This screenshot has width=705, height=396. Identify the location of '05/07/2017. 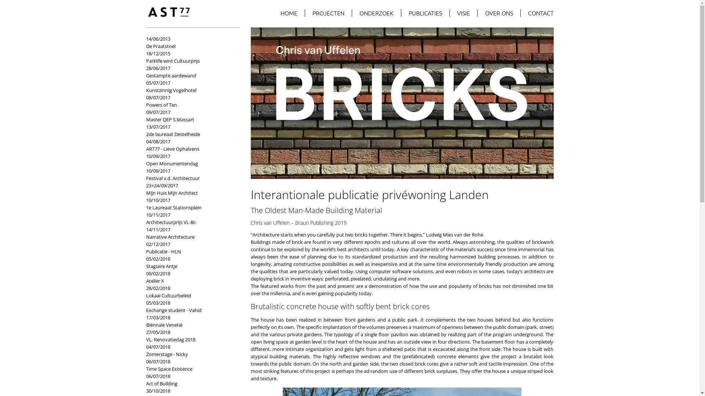
(189, 86).